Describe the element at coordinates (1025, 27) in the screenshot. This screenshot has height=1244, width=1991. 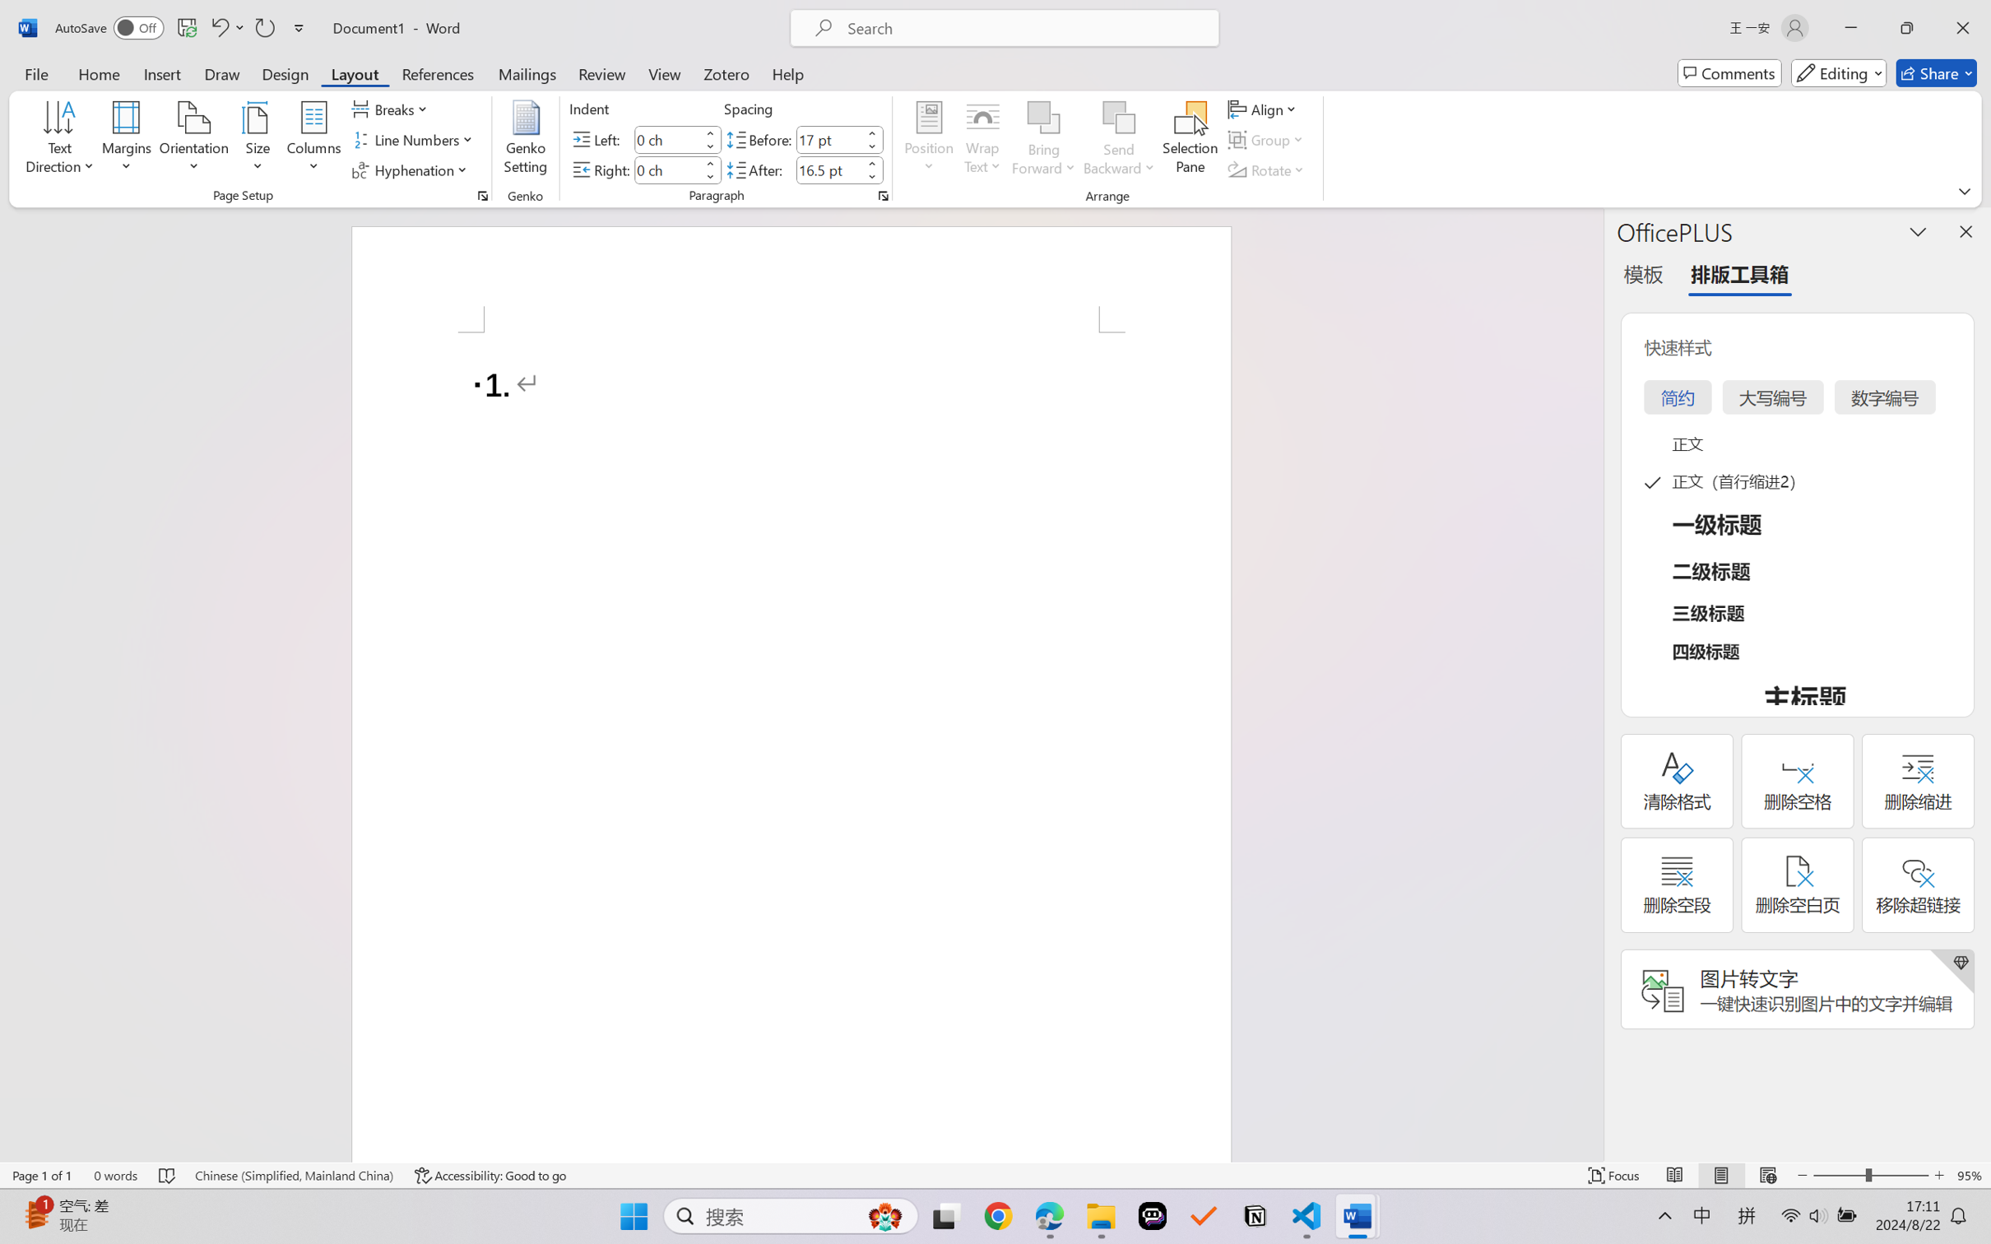
I see `'Microsoft search'` at that location.